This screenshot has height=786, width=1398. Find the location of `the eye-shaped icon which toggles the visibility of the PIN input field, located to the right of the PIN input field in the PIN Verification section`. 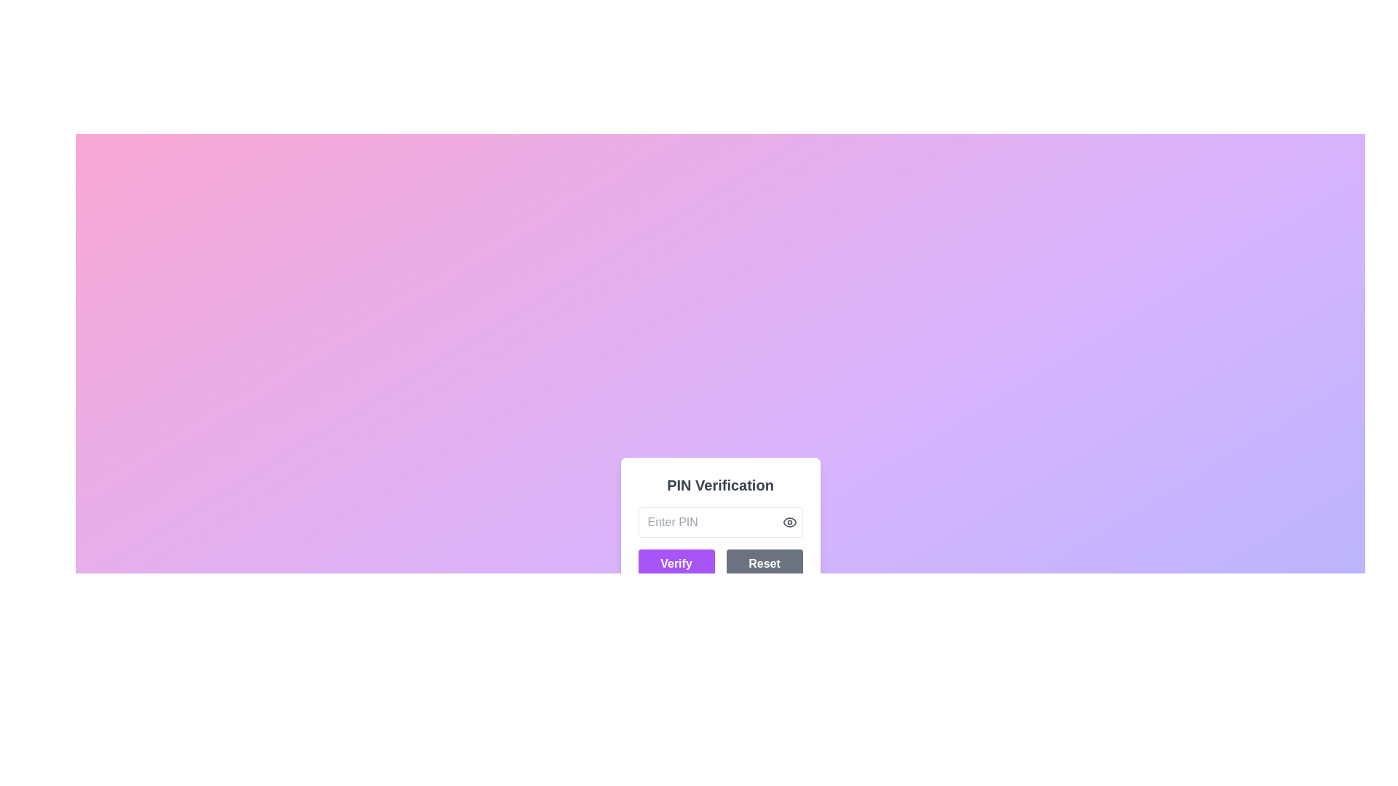

the eye-shaped icon which toggles the visibility of the PIN input field, located to the right of the PIN input field in the PIN Verification section is located at coordinates (789, 521).